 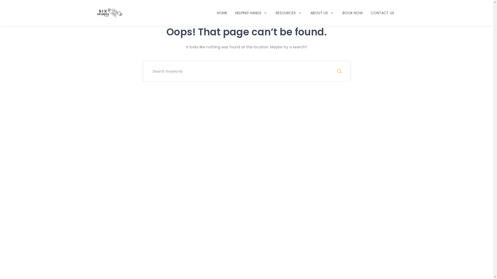 What do you see at coordinates (339, 71) in the screenshot?
I see `'SEARCH'` at bounding box center [339, 71].